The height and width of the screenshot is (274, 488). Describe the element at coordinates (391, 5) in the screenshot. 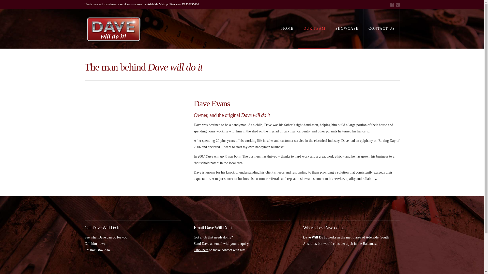

I see `'Facebook'` at that location.